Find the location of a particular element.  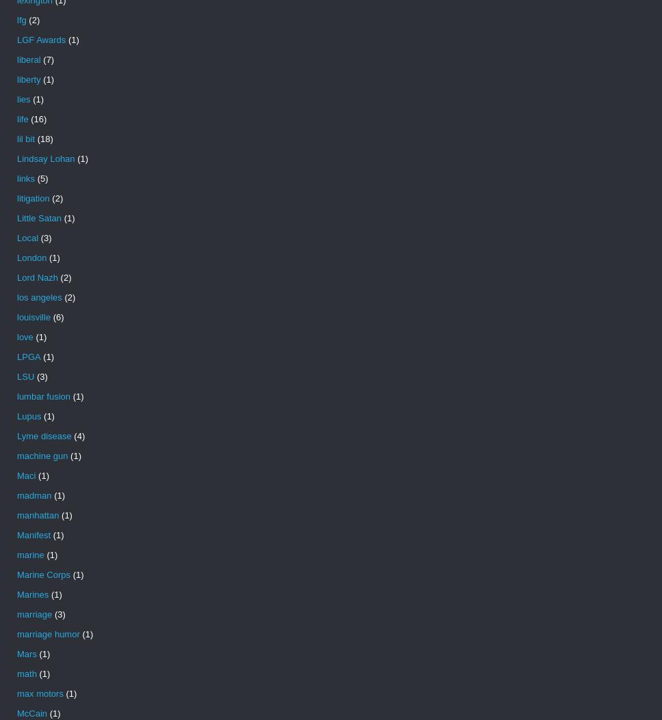

'litigation' is located at coordinates (32, 197).